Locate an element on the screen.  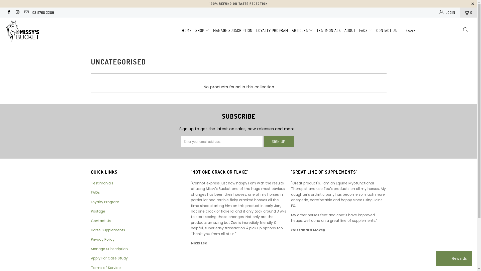
'HOME' is located at coordinates (186, 31).